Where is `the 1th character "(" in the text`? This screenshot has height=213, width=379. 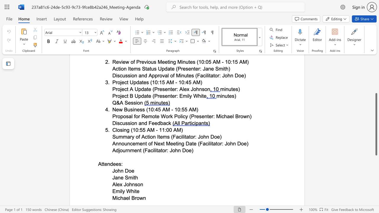 the 1th character "(" in the text is located at coordinates (131, 130).